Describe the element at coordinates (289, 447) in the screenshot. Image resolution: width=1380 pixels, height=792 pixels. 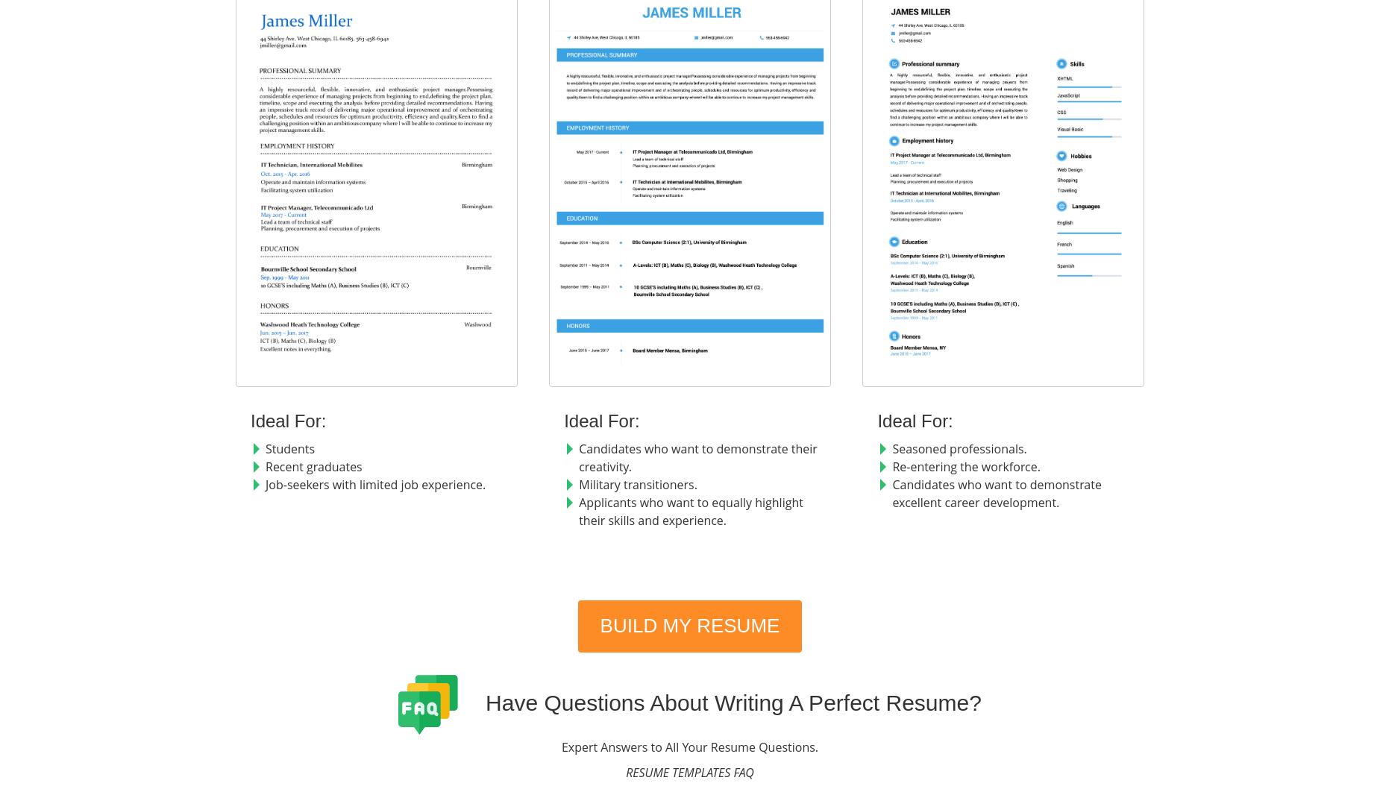
I see `'Students'` at that location.